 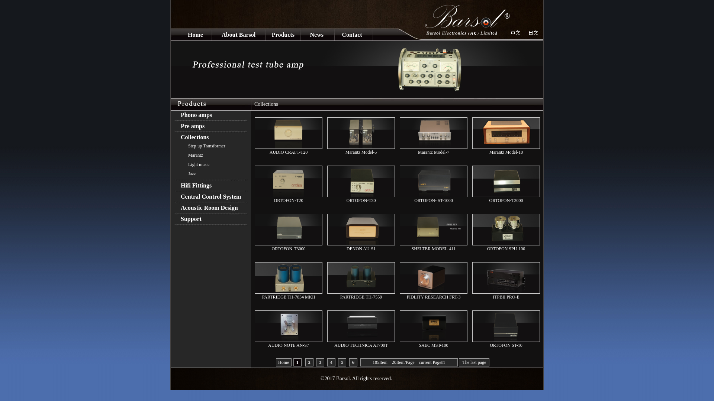 What do you see at coordinates (288, 296) in the screenshot?
I see `'PARTRIDGE TH-7834 MKII'` at bounding box center [288, 296].